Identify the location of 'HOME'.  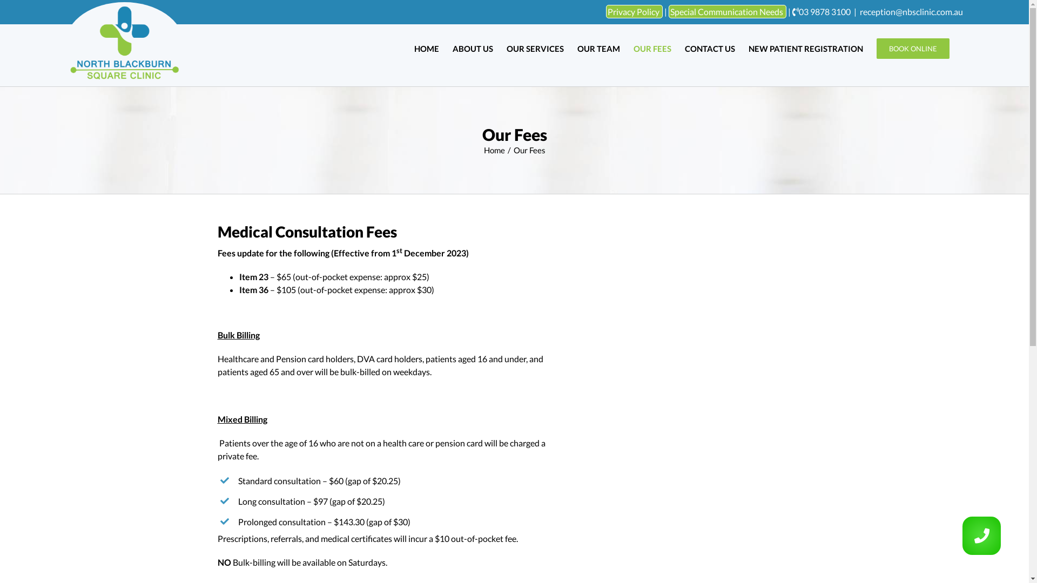
(426, 48).